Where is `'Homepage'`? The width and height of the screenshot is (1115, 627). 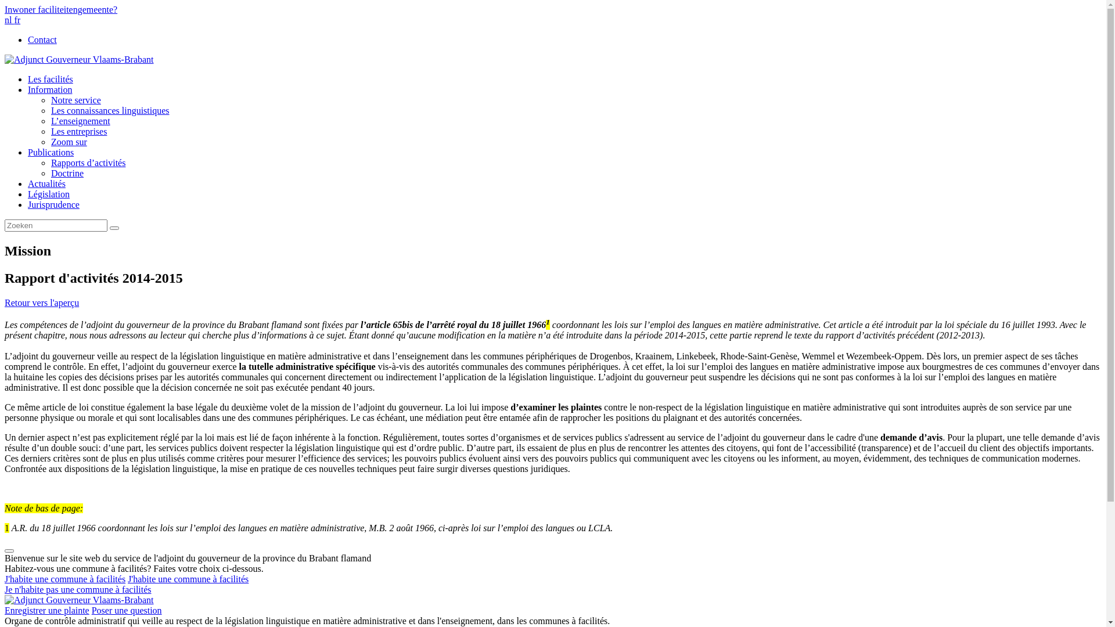 'Homepage' is located at coordinates (78, 600).